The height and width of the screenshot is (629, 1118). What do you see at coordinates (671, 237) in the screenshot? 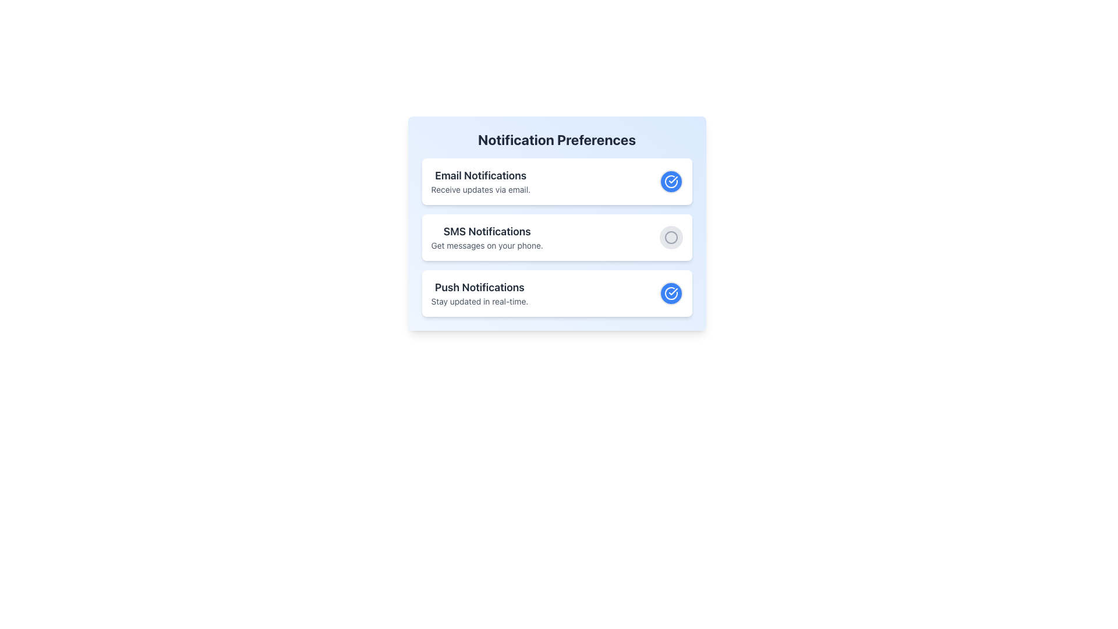
I see `the circular icon with a hollow center and thin gray border, located within the 'SMS Notifications' option` at bounding box center [671, 237].